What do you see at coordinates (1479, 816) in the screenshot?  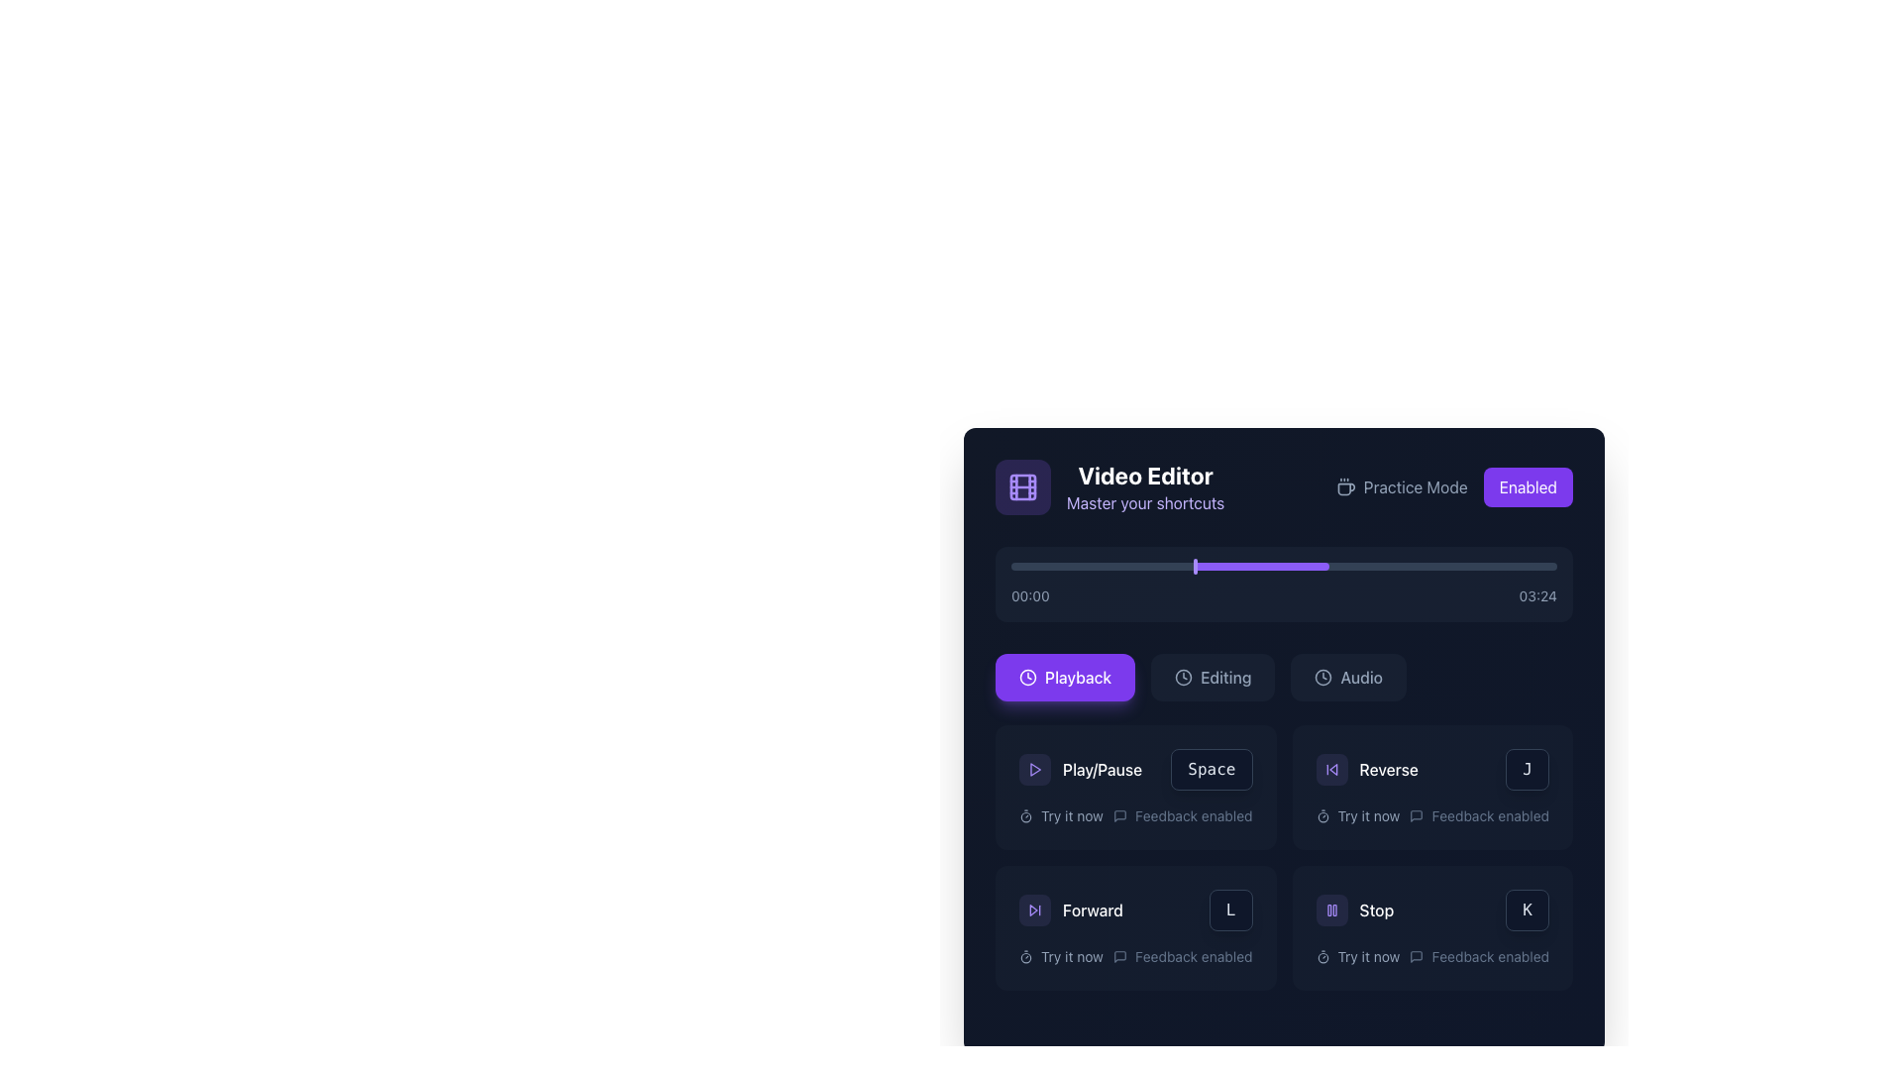 I see `the label with the comment icon that indicates 'Feedback enabled', positioned beneath the 'Reverse' button on the right half of the interface` at bounding box center [1479, 816].